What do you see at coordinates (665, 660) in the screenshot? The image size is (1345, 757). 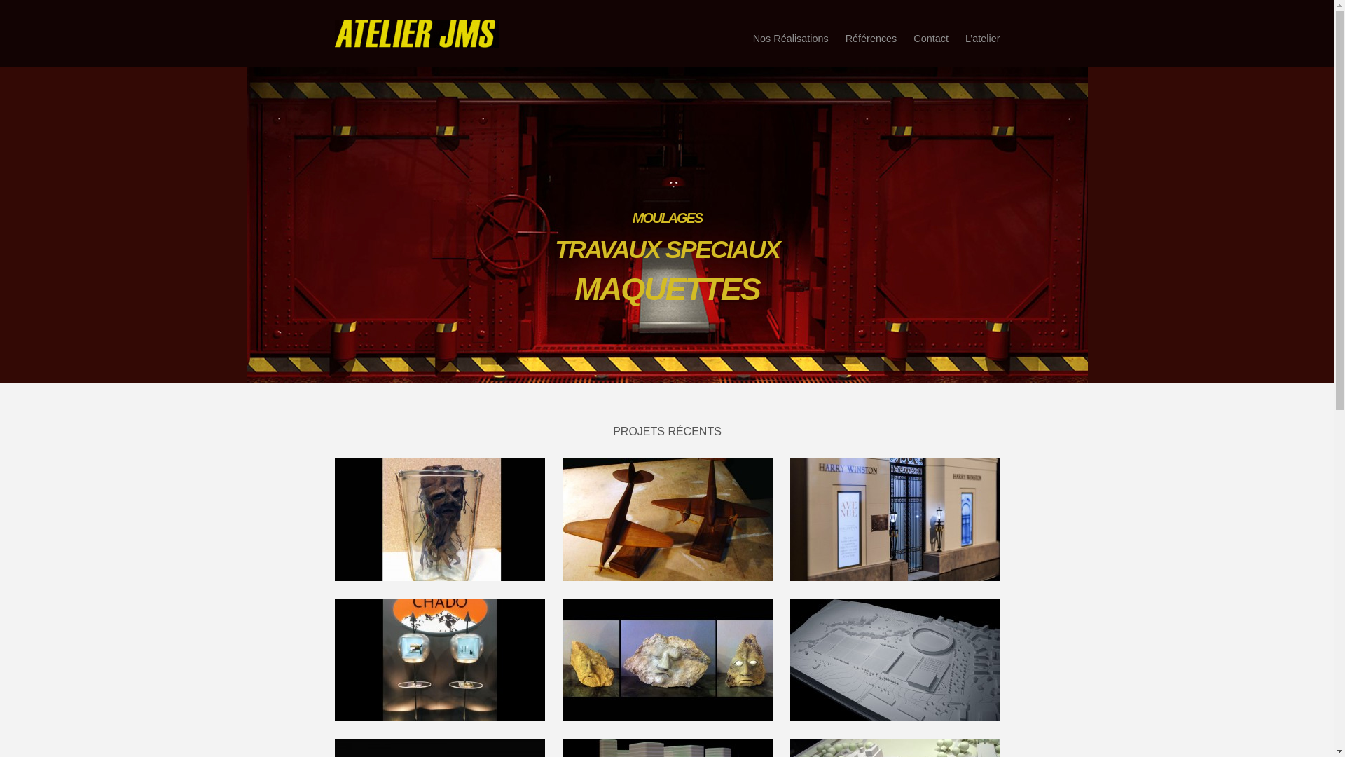 I see `'Personnages'` at bounding box center [665, 660].